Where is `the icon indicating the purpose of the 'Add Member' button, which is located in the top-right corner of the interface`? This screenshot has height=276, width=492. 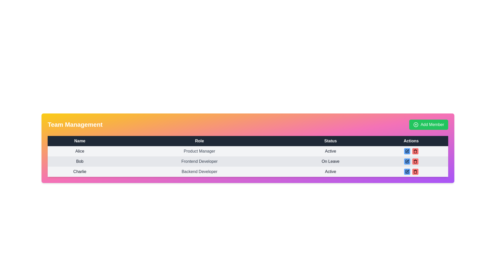
the icon indicating the purpose of the 'Add Member' button, which is located in the top-right corner of the interface is located at coordinates (416, 125).